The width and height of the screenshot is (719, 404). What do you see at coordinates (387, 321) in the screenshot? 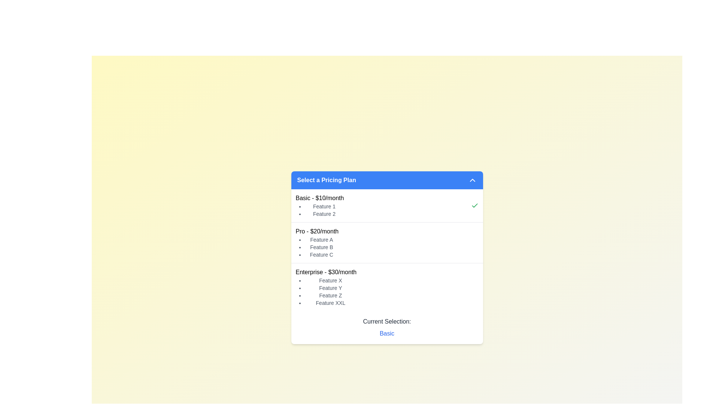
I see `the Text label indicating the currently selected option in the pricing selection interface, which displays 'Current Selection: Basic.'` at bounding box center [387, 321].